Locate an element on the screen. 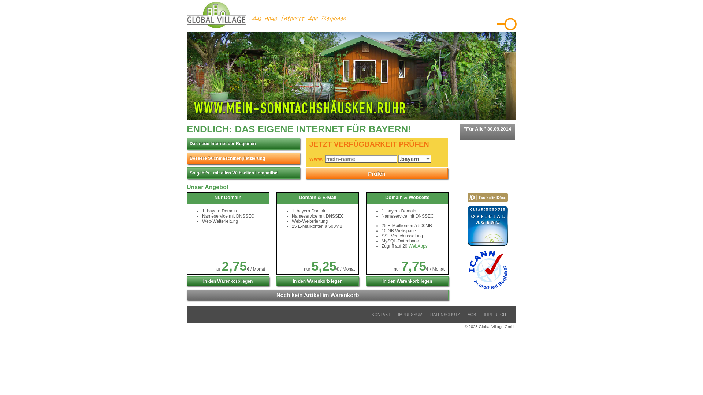 This screenshot has height=395, width=703. 'DATENSCHUTZ' is located at coordinates (445, 314).